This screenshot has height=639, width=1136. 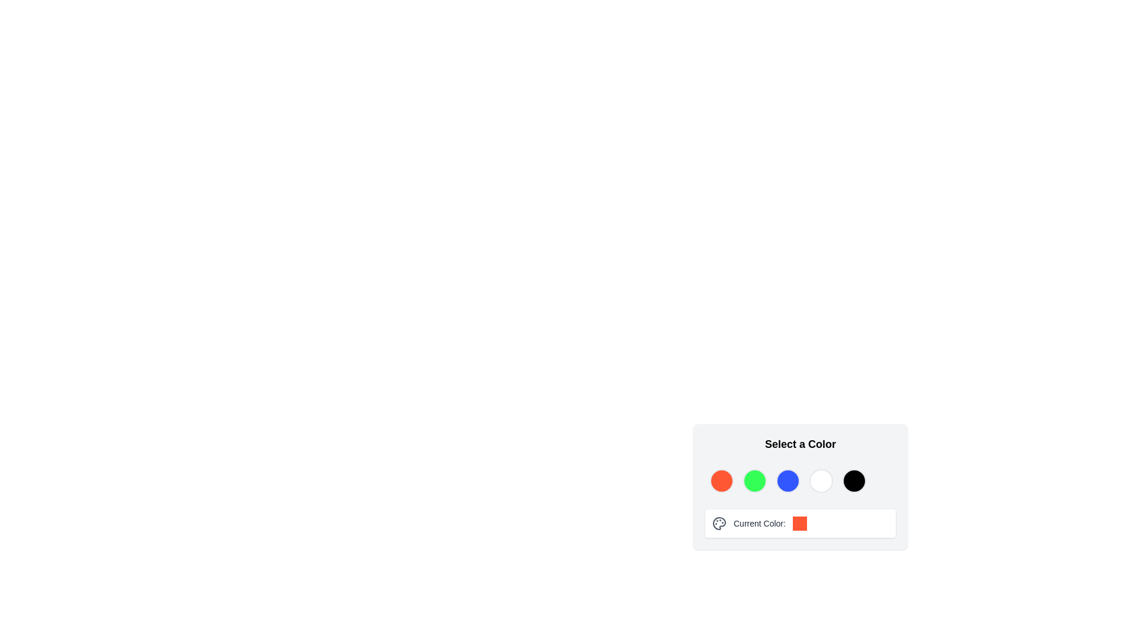 What do you see at coordinates (799, 522) in the screenshot?
I see `the Color preview box located on the far right within the 'Current Color' group to visually represent the selected color` at bounding box center [799, 522].